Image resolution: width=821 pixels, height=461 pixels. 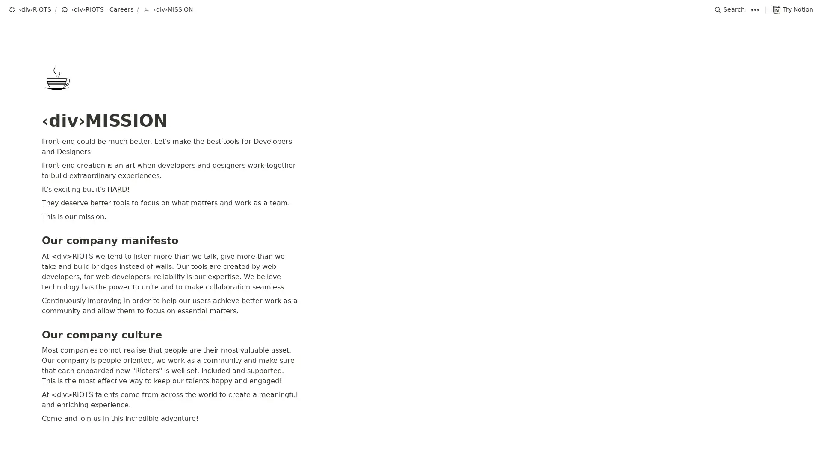 What do you see at coordinates (29, 9) in the screenshot?
I see `divRIOTS` at bounding box center [29, 9].